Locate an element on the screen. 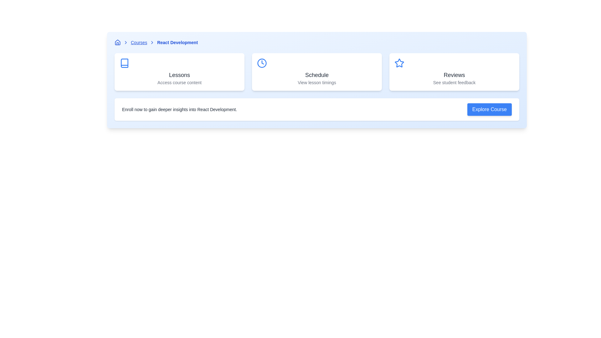 The width and height of the screenshot is (601, 338). the bold blue text 'React Development' in the breadcrumb navigation bar, located to the right of the 'Courses' link and a chevron icon is located at coordinates (177, 42).